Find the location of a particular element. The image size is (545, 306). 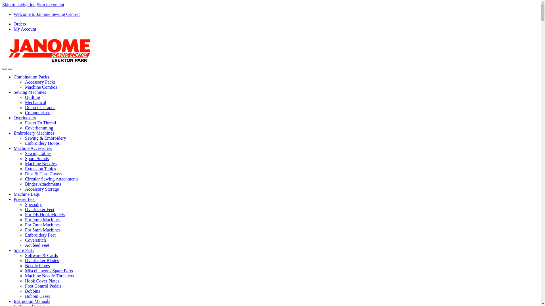

'Circular Sewing Attachments' is located at coordinates (52, 179).